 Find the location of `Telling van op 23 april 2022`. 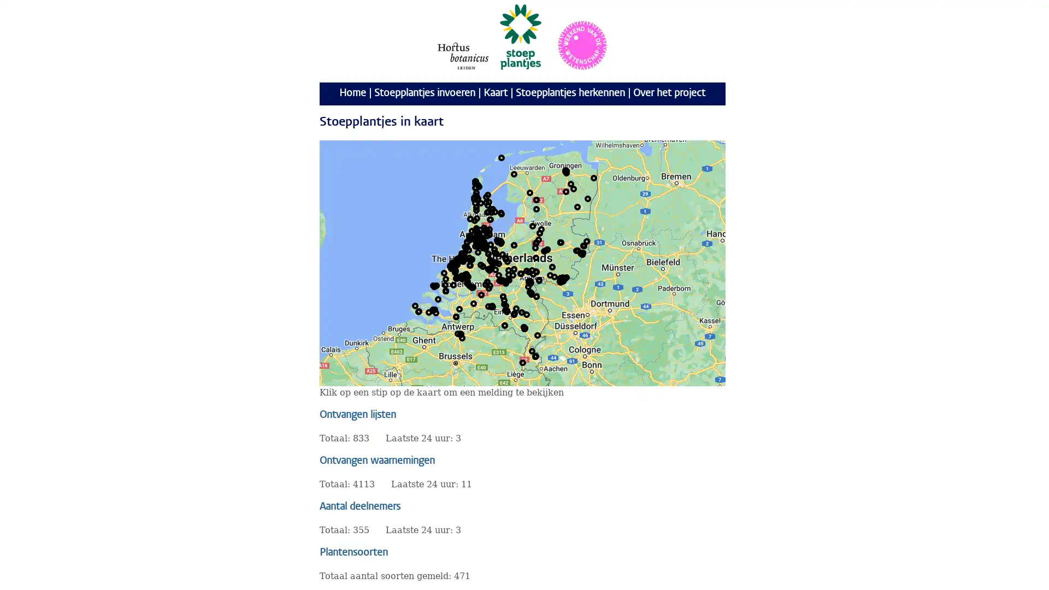

Telling van op 23 april 2022 is located at coordinates (457, 277).